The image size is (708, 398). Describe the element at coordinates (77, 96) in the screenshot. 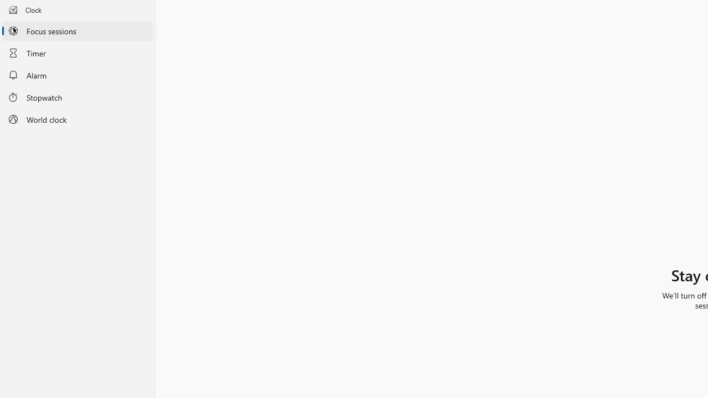

I see `'Stopwatch'` at that location.